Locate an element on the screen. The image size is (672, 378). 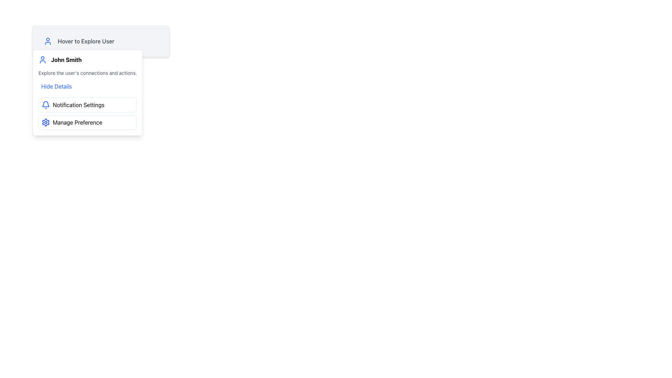
the gear icon located to the left of the 'Manage Preference' button is located at coordinates (45, 122).